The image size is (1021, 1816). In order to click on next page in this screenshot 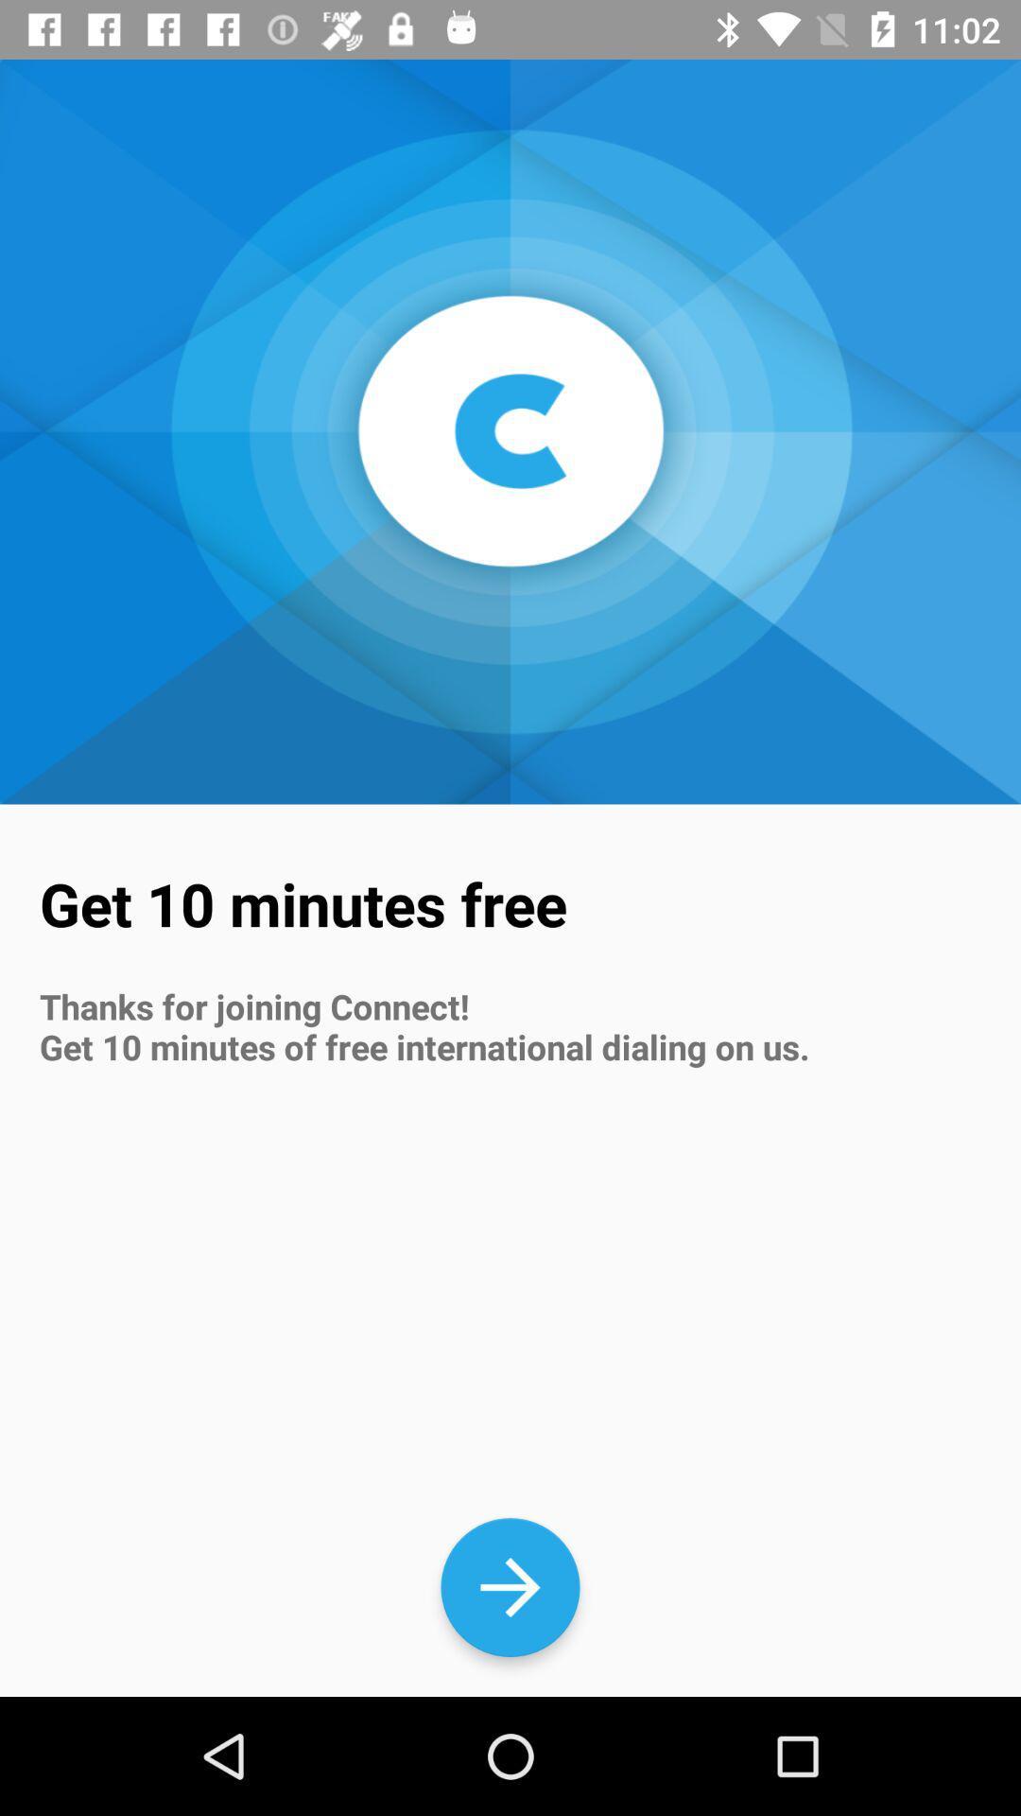, I will do `click(510, 1587)`.